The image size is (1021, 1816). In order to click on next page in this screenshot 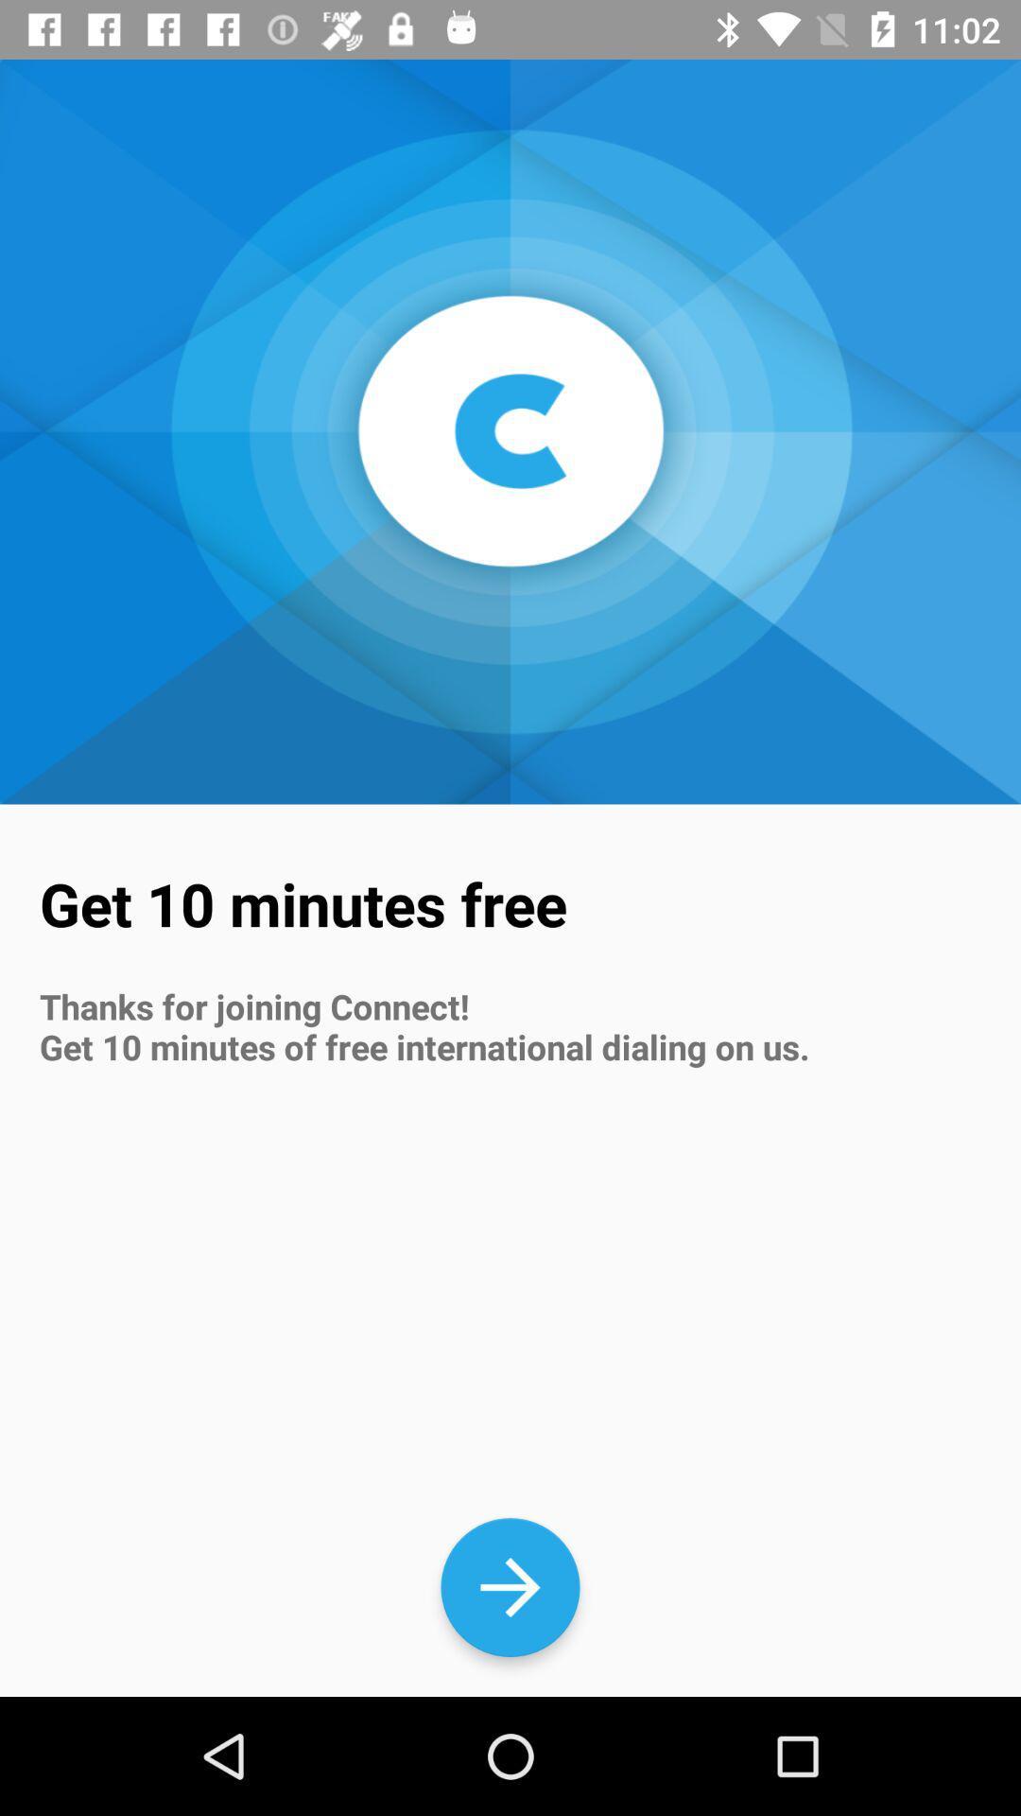, I will do `click(510, 1587)`.